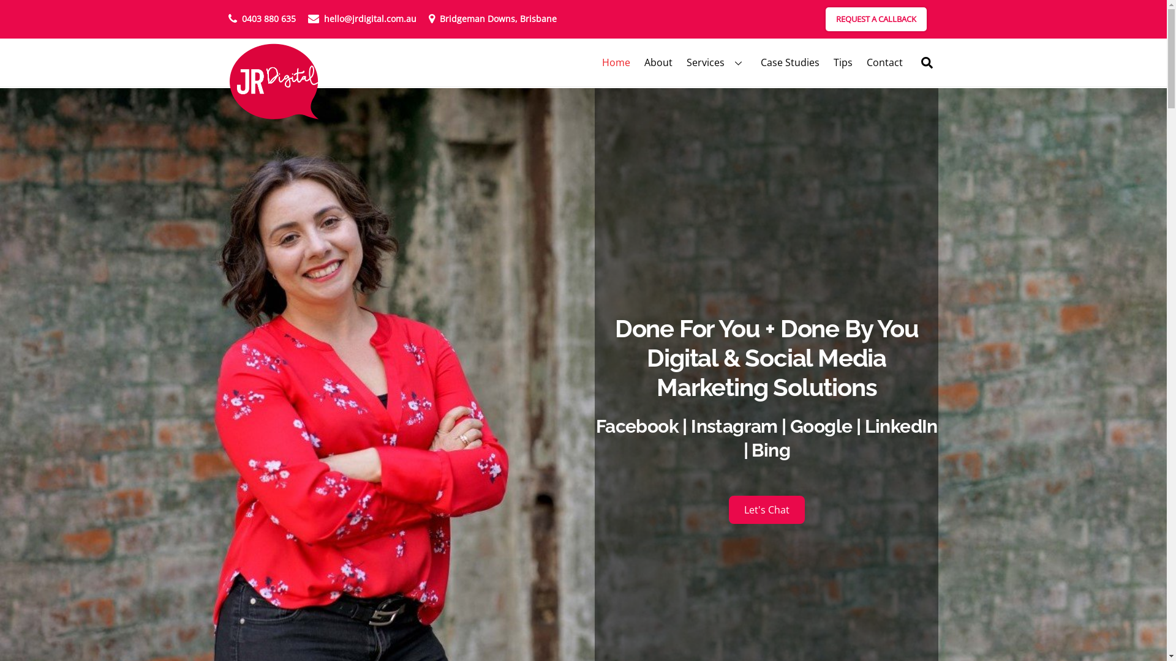 This screenshot has width=1176, height=661. Describe the element at coordinates (827, 62) in the screenshot. I see `'Tips'` at that location.